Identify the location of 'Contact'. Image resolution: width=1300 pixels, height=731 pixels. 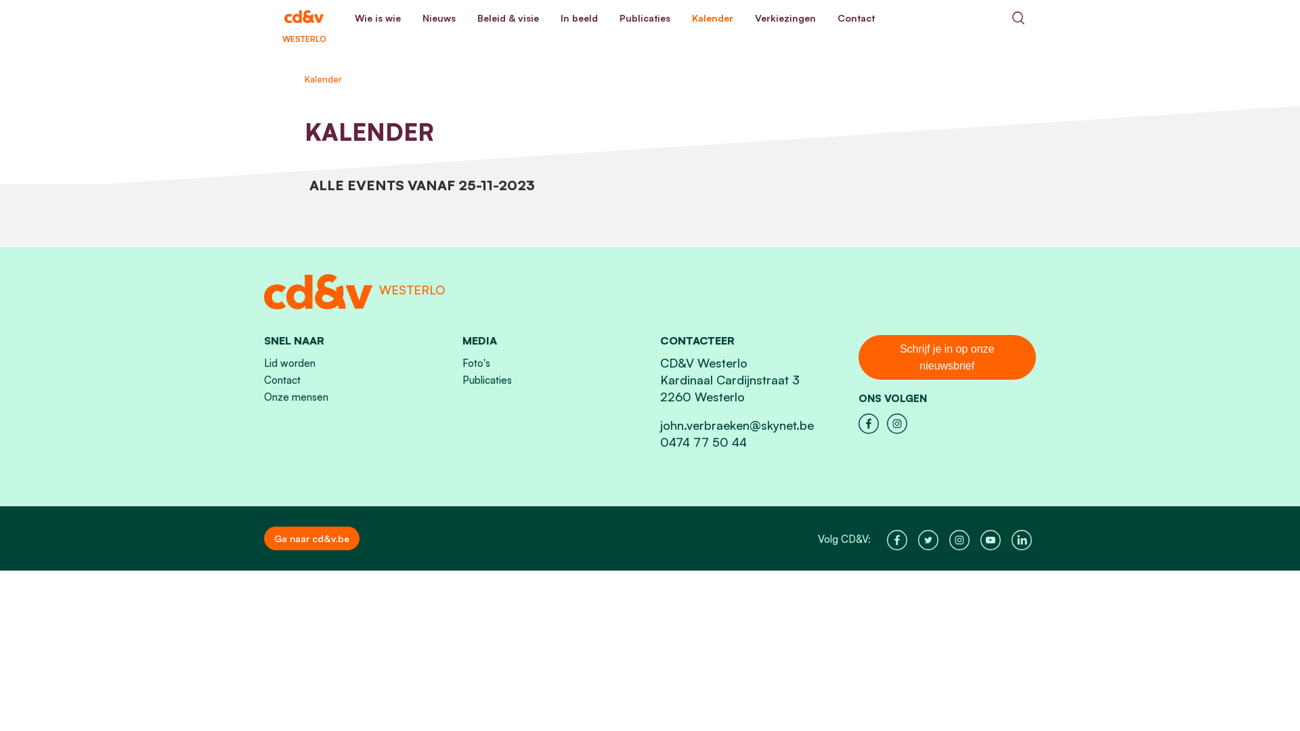
(282, 380).